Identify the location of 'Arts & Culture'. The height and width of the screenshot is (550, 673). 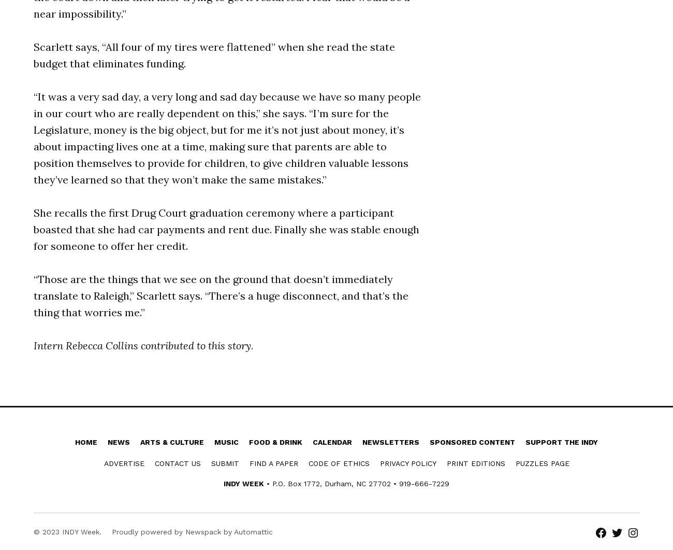
(140, 442).